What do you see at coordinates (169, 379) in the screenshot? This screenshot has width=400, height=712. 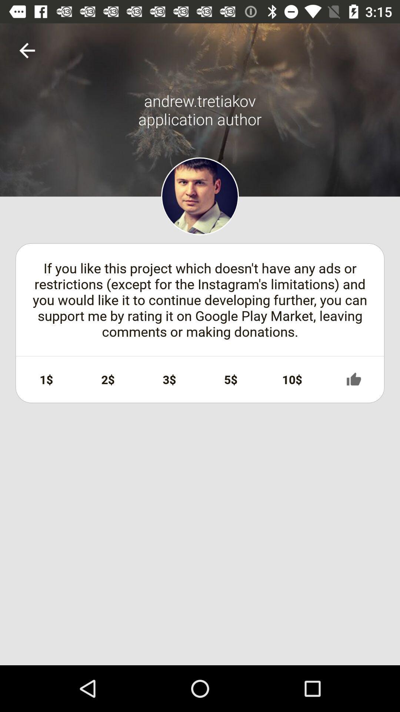 I see `3$` at bounding box center [169, 379].